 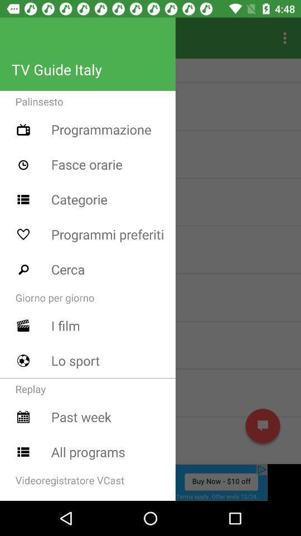 I want to click on the icon to the left of i film, so click(x=23, y=326).